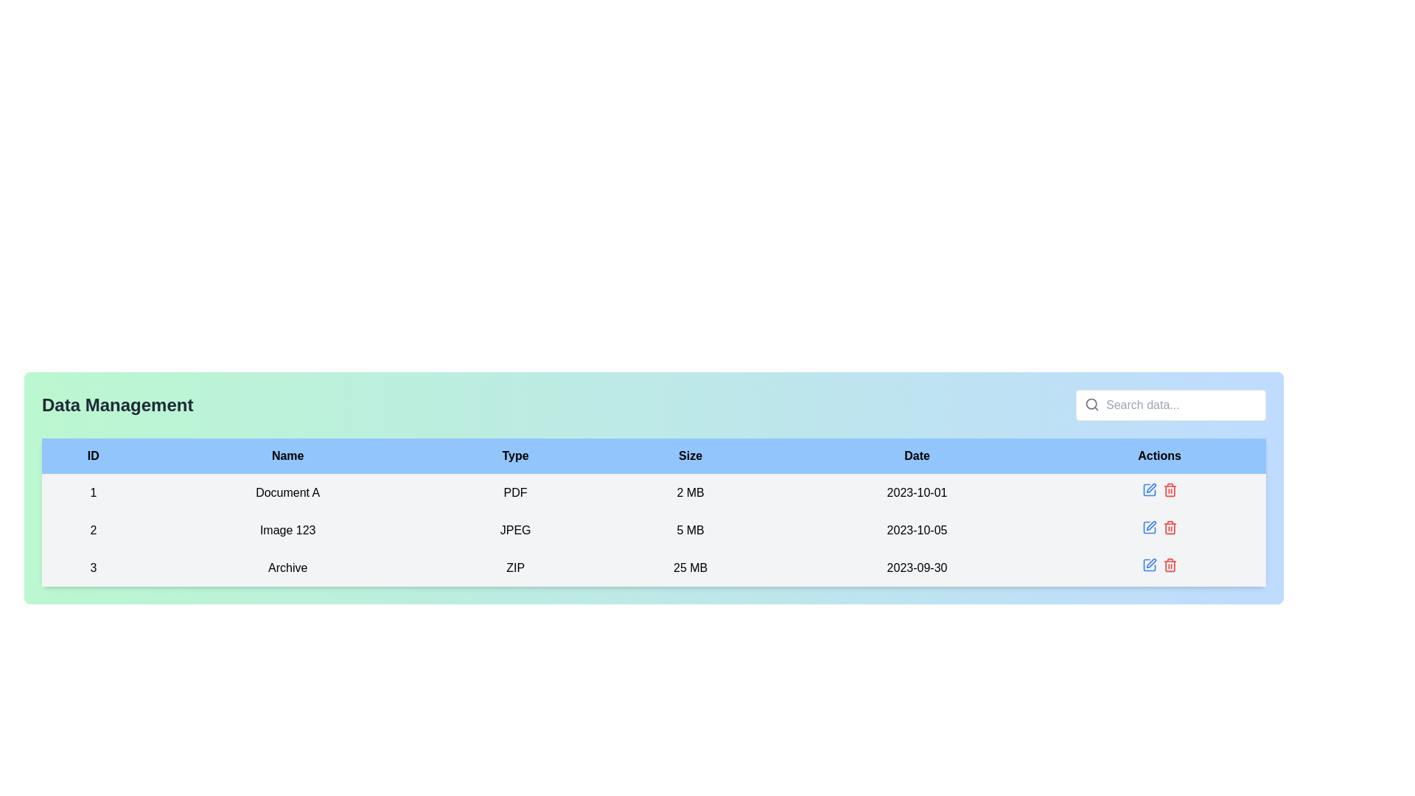 This screenshot has height=796, width=1415. I want to click on the non-interactive text label displaying 'Document A' located in the second column labeled 'Name' of the first row in the table, so click(287, 492).